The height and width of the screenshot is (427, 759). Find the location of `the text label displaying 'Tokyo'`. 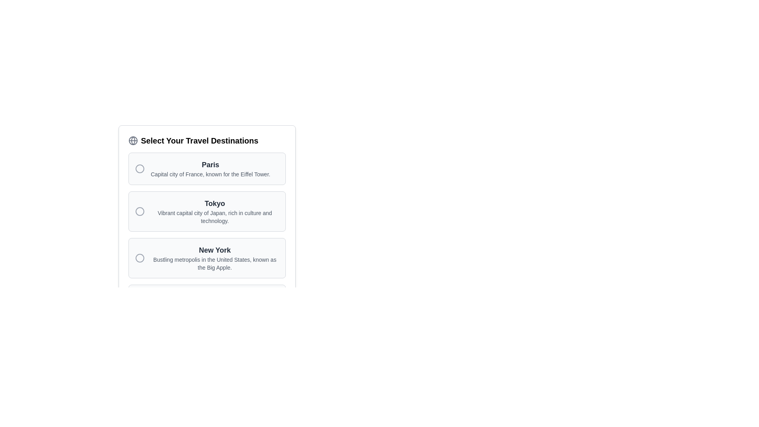

the text label displaying 'Tokyo' is located at coordinates (215, 203).